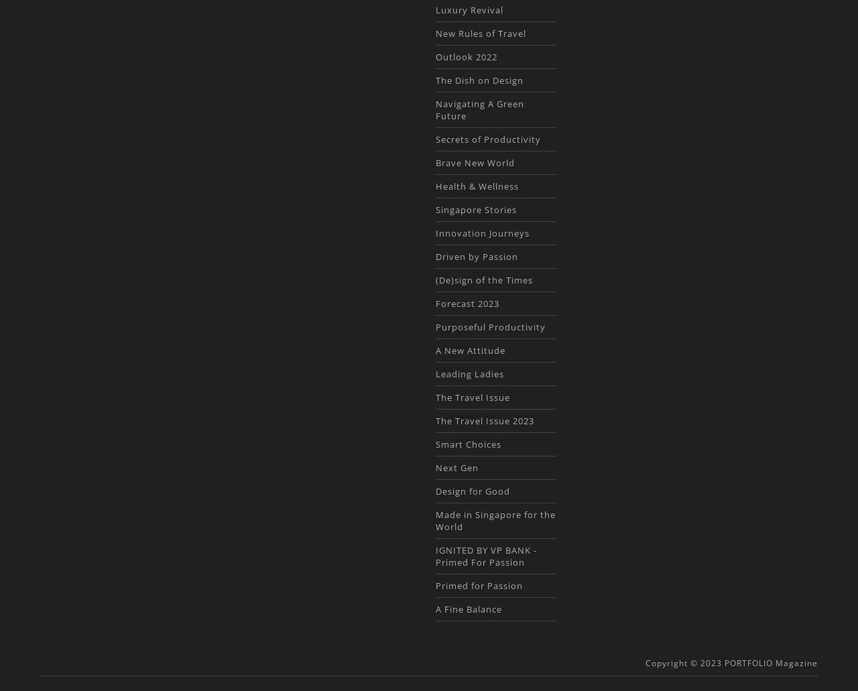 This screenshot has width=858, height=691. What do you see at coordinates (489, 326) in the screenshot?
I see `'Purposeful Productivity'` at bounding box center [489, 326].